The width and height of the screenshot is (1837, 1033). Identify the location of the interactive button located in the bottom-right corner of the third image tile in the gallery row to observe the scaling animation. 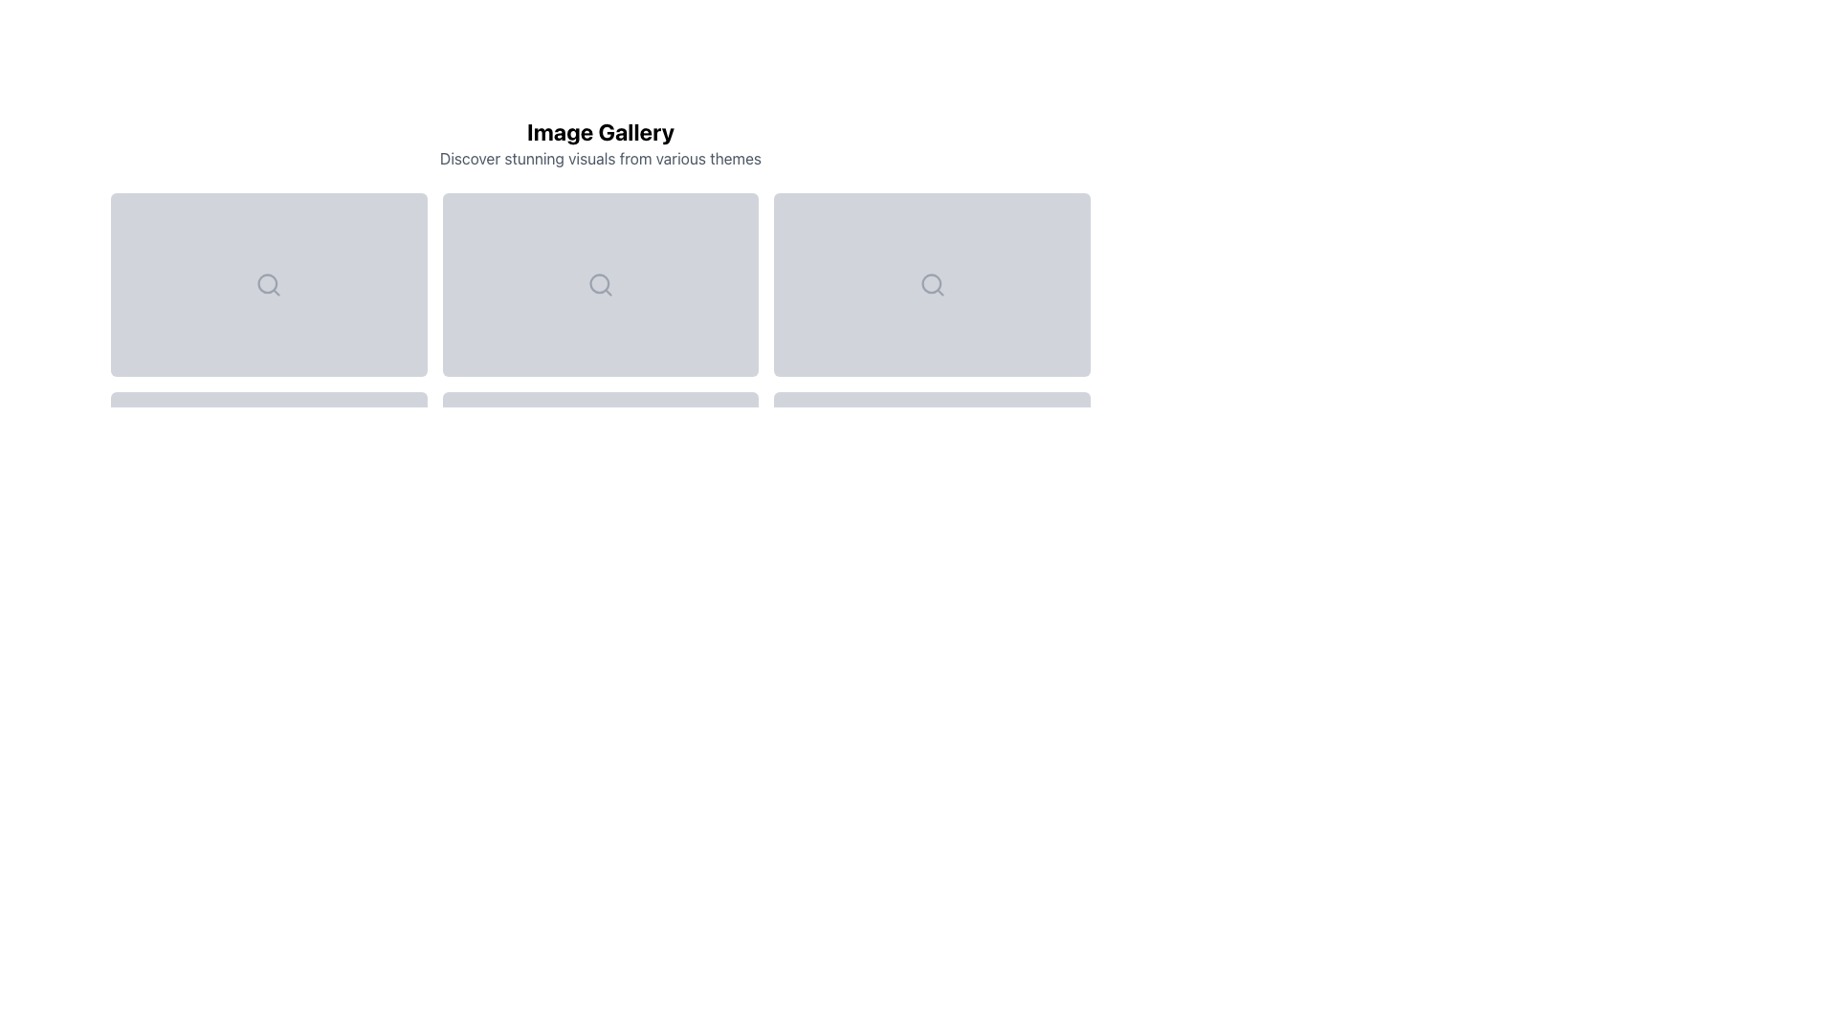
(1055, 341).